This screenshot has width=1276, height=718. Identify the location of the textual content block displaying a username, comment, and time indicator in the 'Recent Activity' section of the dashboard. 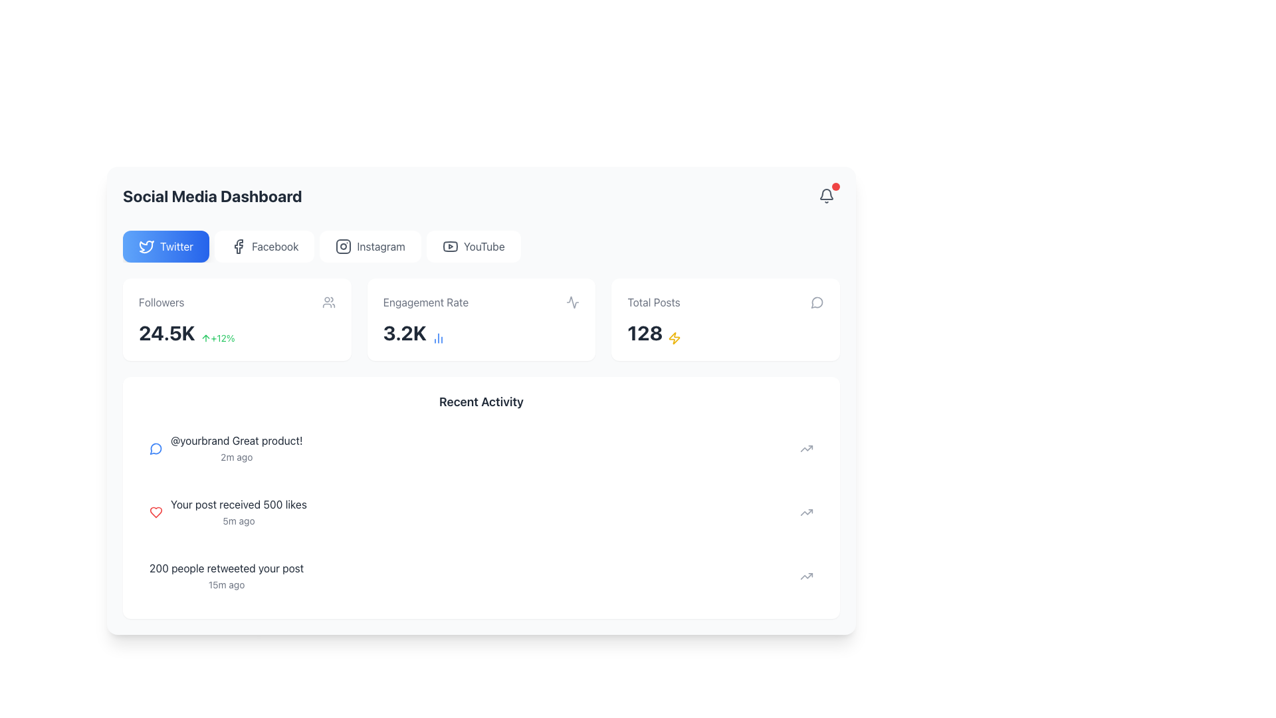
(237, 449).